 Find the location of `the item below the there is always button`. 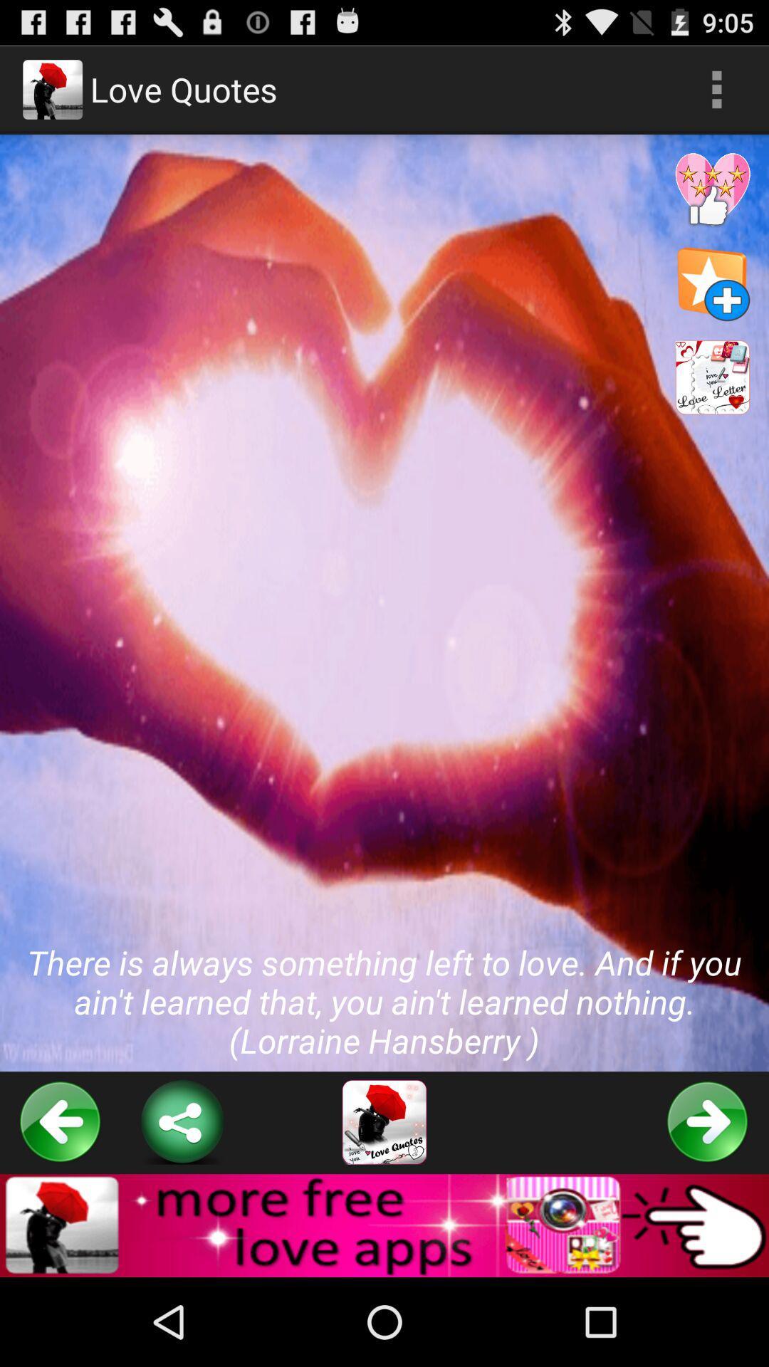

the item below the there is always button is located at coordinates (60, 1121).